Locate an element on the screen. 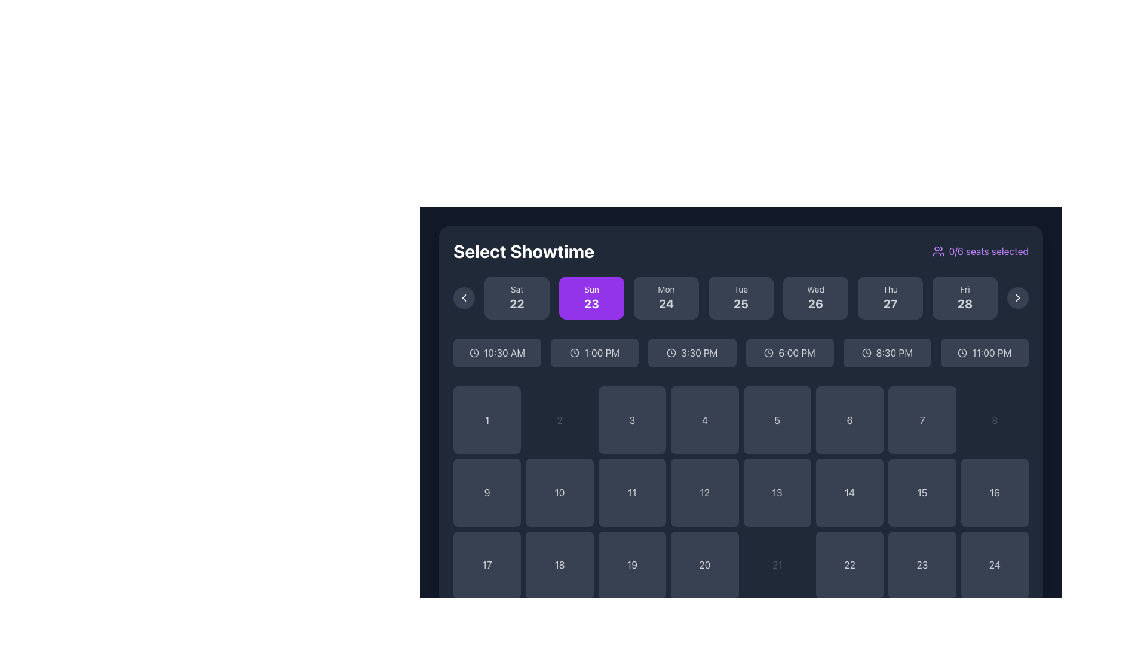 Image resolution: width=1147 pixels, height=645 pixels. the selectable button located in the first row of a numeric grid, positioned fifth from the left, to make a selection is located at coordinates (777, 419).